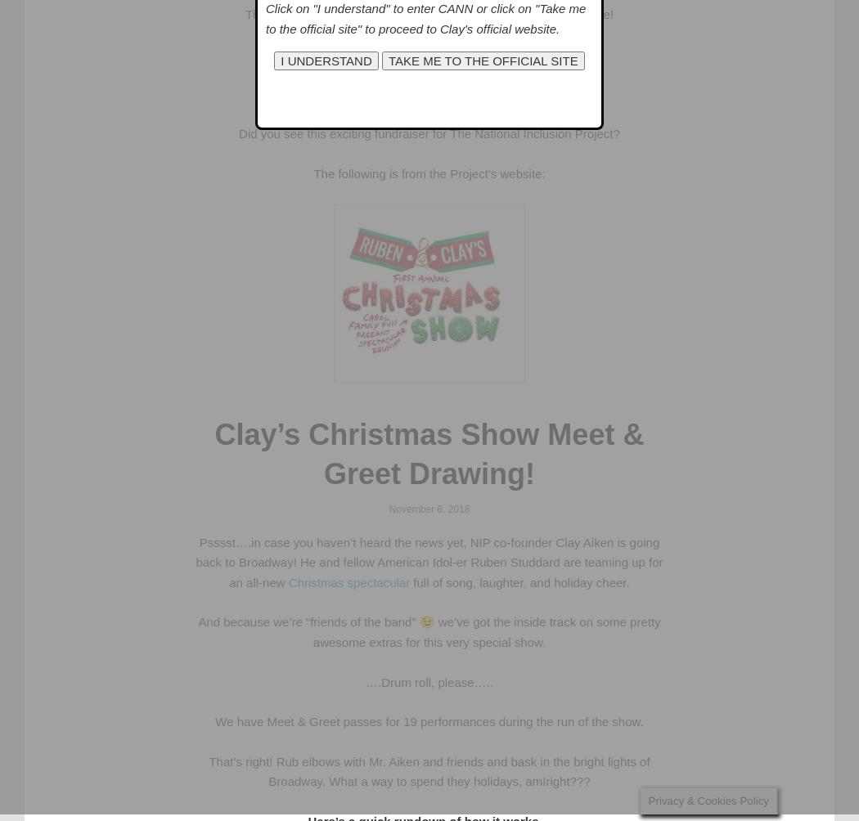  What do you see at coordinates (519, 581) in the screenshot?
I see `'full of song, laughter, and holiday cheer.'` at bounding box center [519, 581].